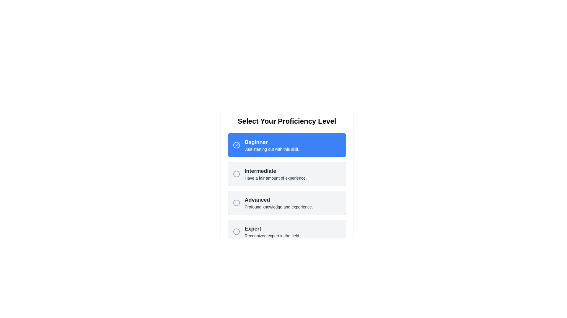  I want to click on the circular graphical indicator with a gray outline located to the left of the 'Advanced' option, so click(236, 203).